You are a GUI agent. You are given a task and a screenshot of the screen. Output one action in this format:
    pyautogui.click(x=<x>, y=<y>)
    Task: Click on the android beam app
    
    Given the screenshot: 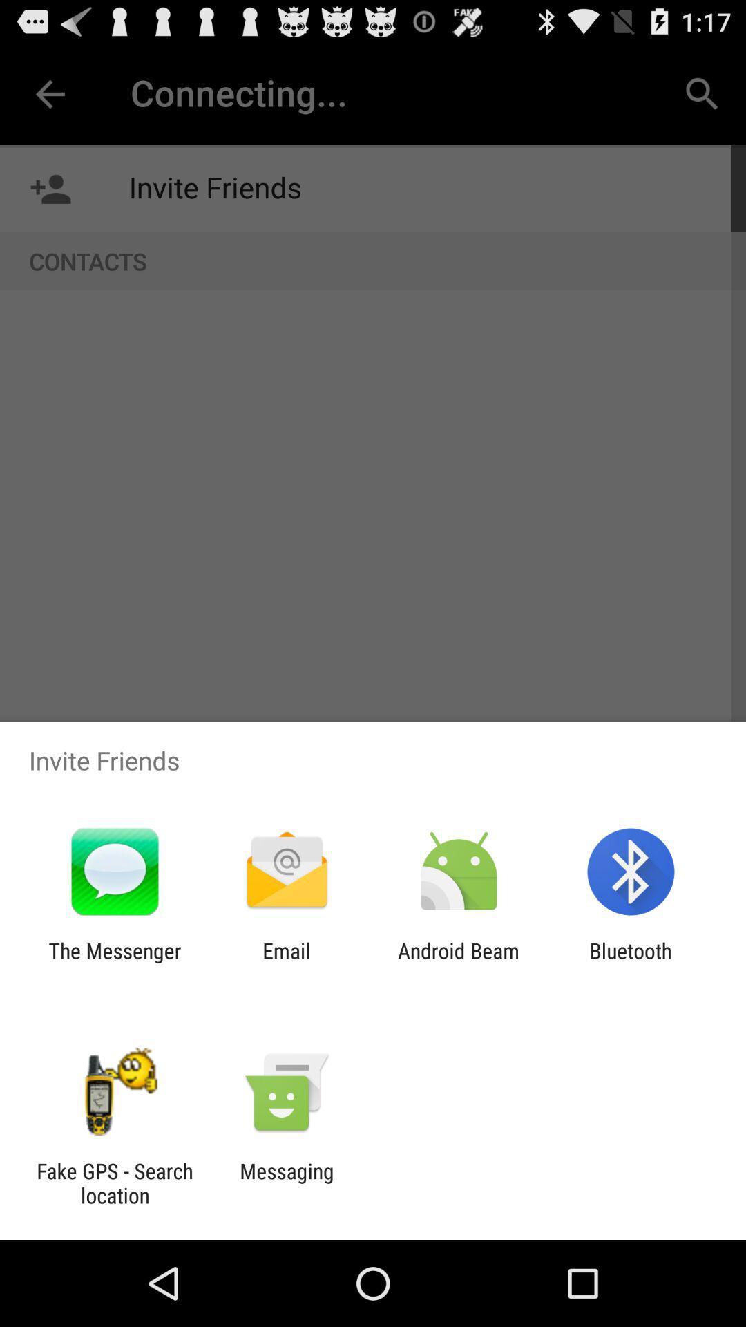 What is the action you would take?
    pyautogui.click(x=459, y=962)
    